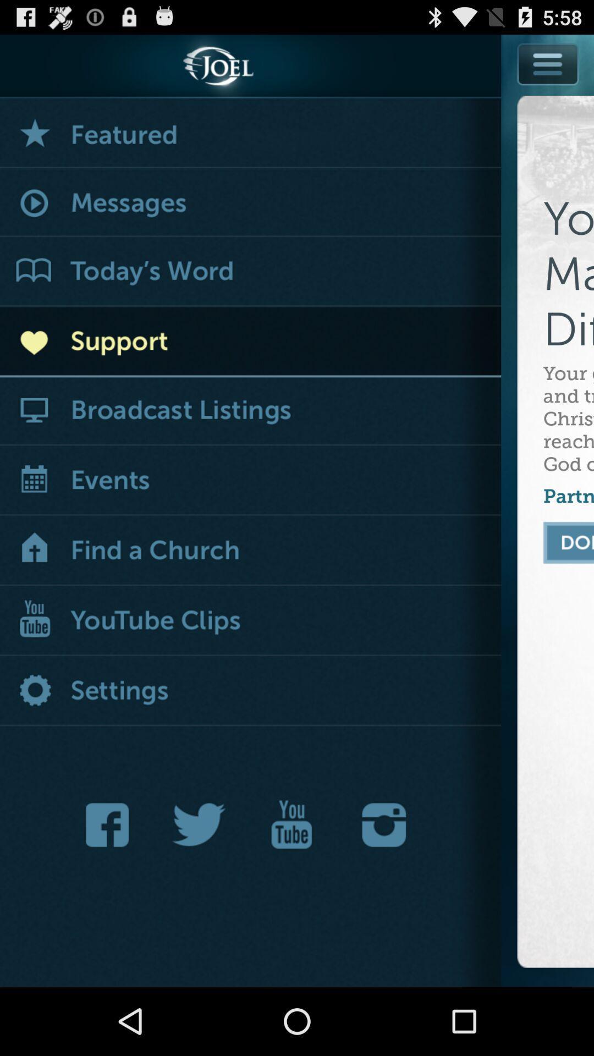 The image size is (594, 1056). What do you see at coordinates (111, 883) in the screenshot?
I see `the facebook icon` at bounding box center [111, 883].